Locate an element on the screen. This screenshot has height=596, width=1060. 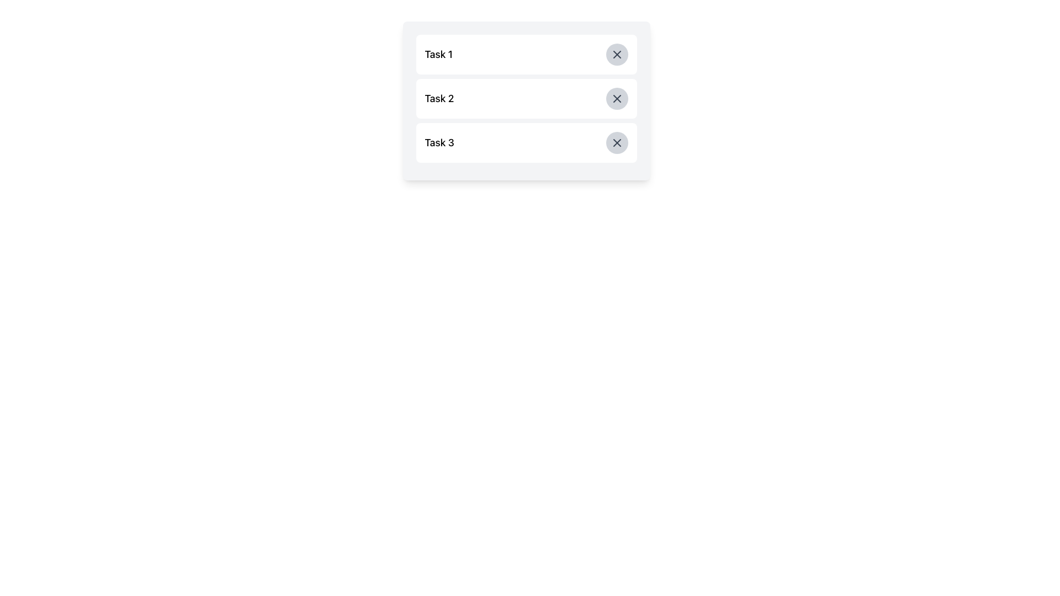
the close/delete icon located at the top right corner of 'Task 1' is located at coordinates (616, 55).